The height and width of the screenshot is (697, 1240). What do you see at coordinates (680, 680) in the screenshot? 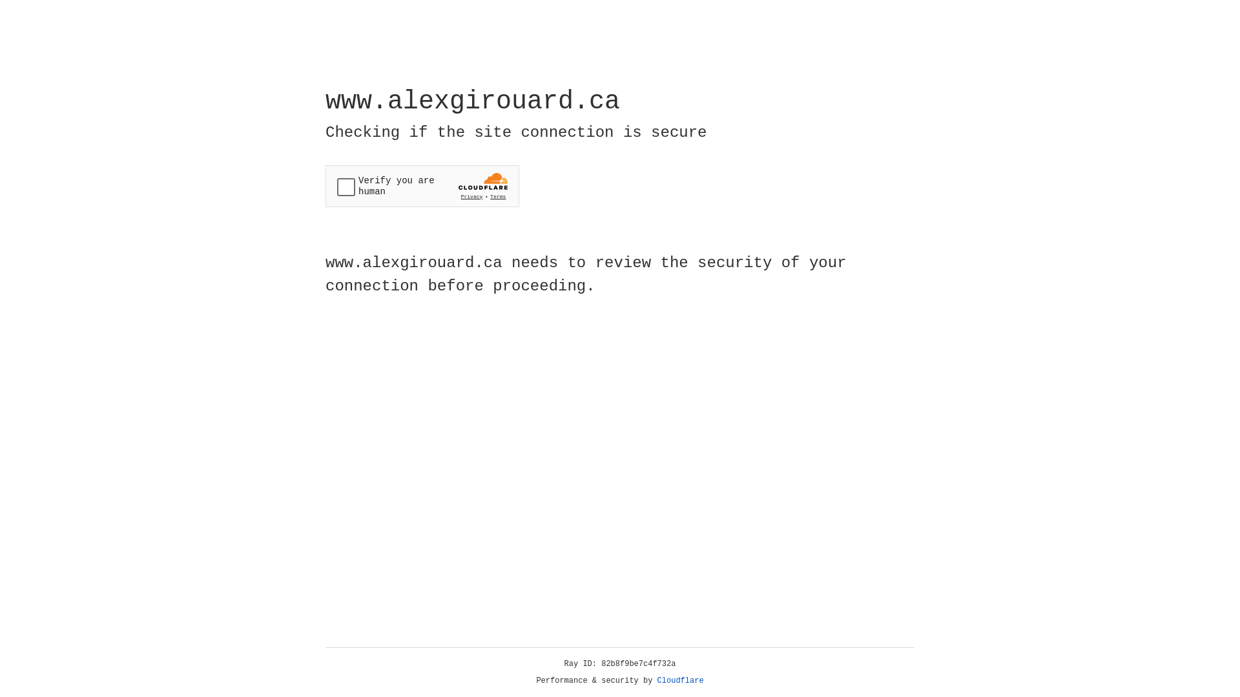
I see `'Cloudflare'` at bounding box center [680, 680].